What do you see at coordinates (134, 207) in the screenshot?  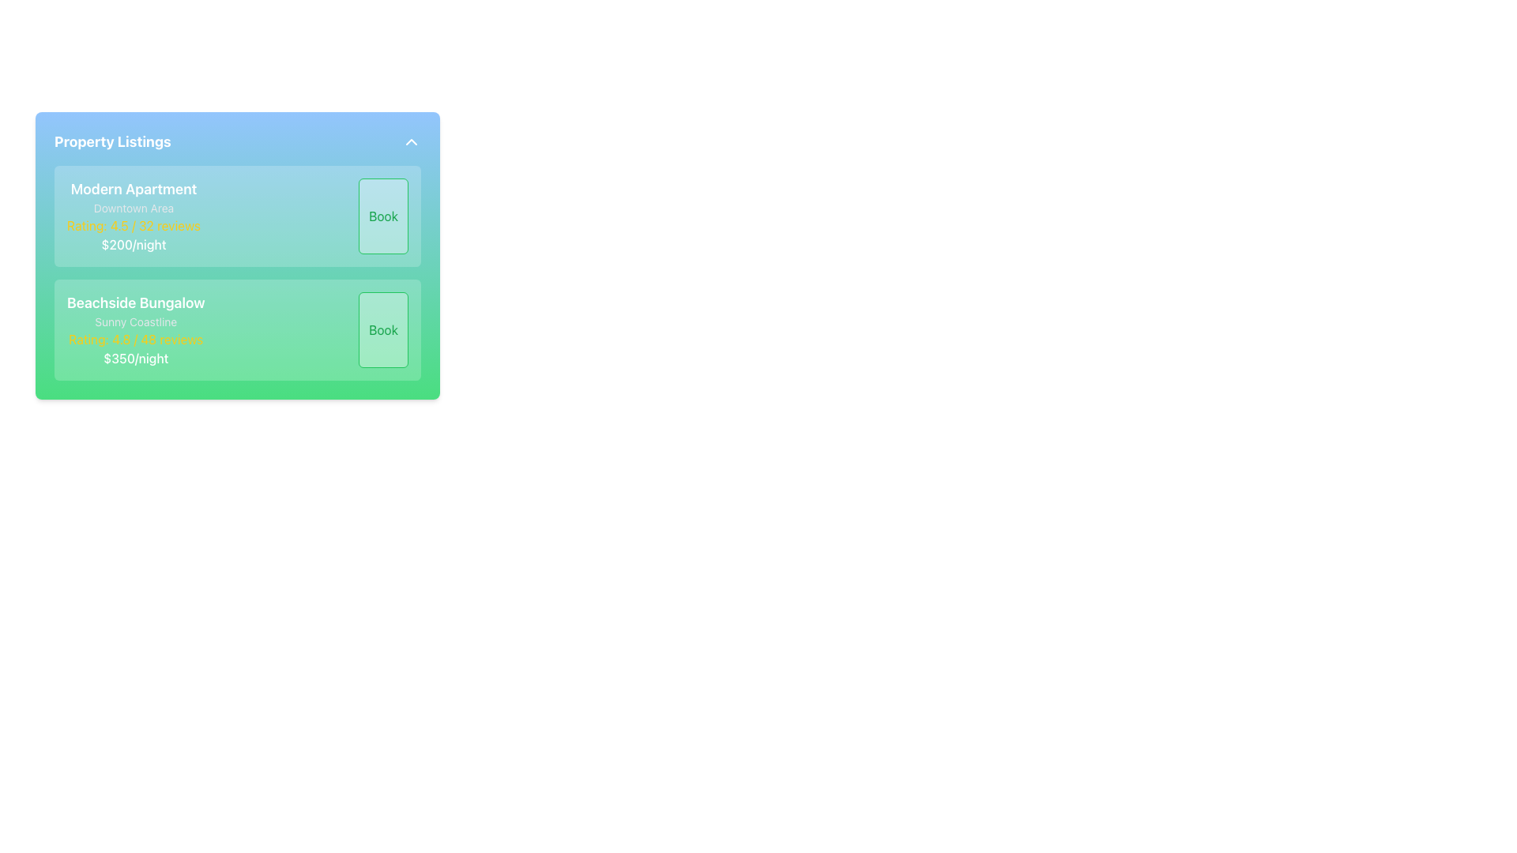 I see `the static text label reading 'Downtown Area' which is positioned below 'Modern Apartment' and above the rating summary in the top section of the listing card` at bounding box center [134, 207].